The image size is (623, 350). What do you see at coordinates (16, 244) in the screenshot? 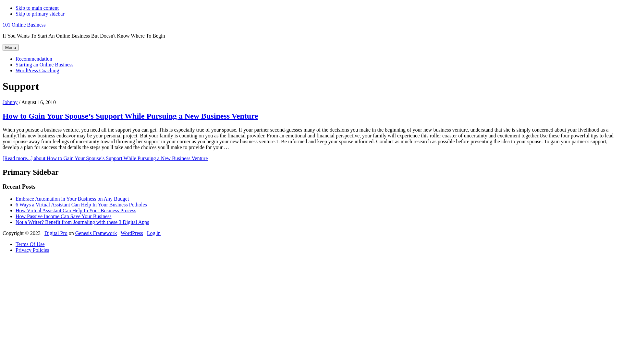
I see `'Terms Of Use'` at bounding box center [16, 244].